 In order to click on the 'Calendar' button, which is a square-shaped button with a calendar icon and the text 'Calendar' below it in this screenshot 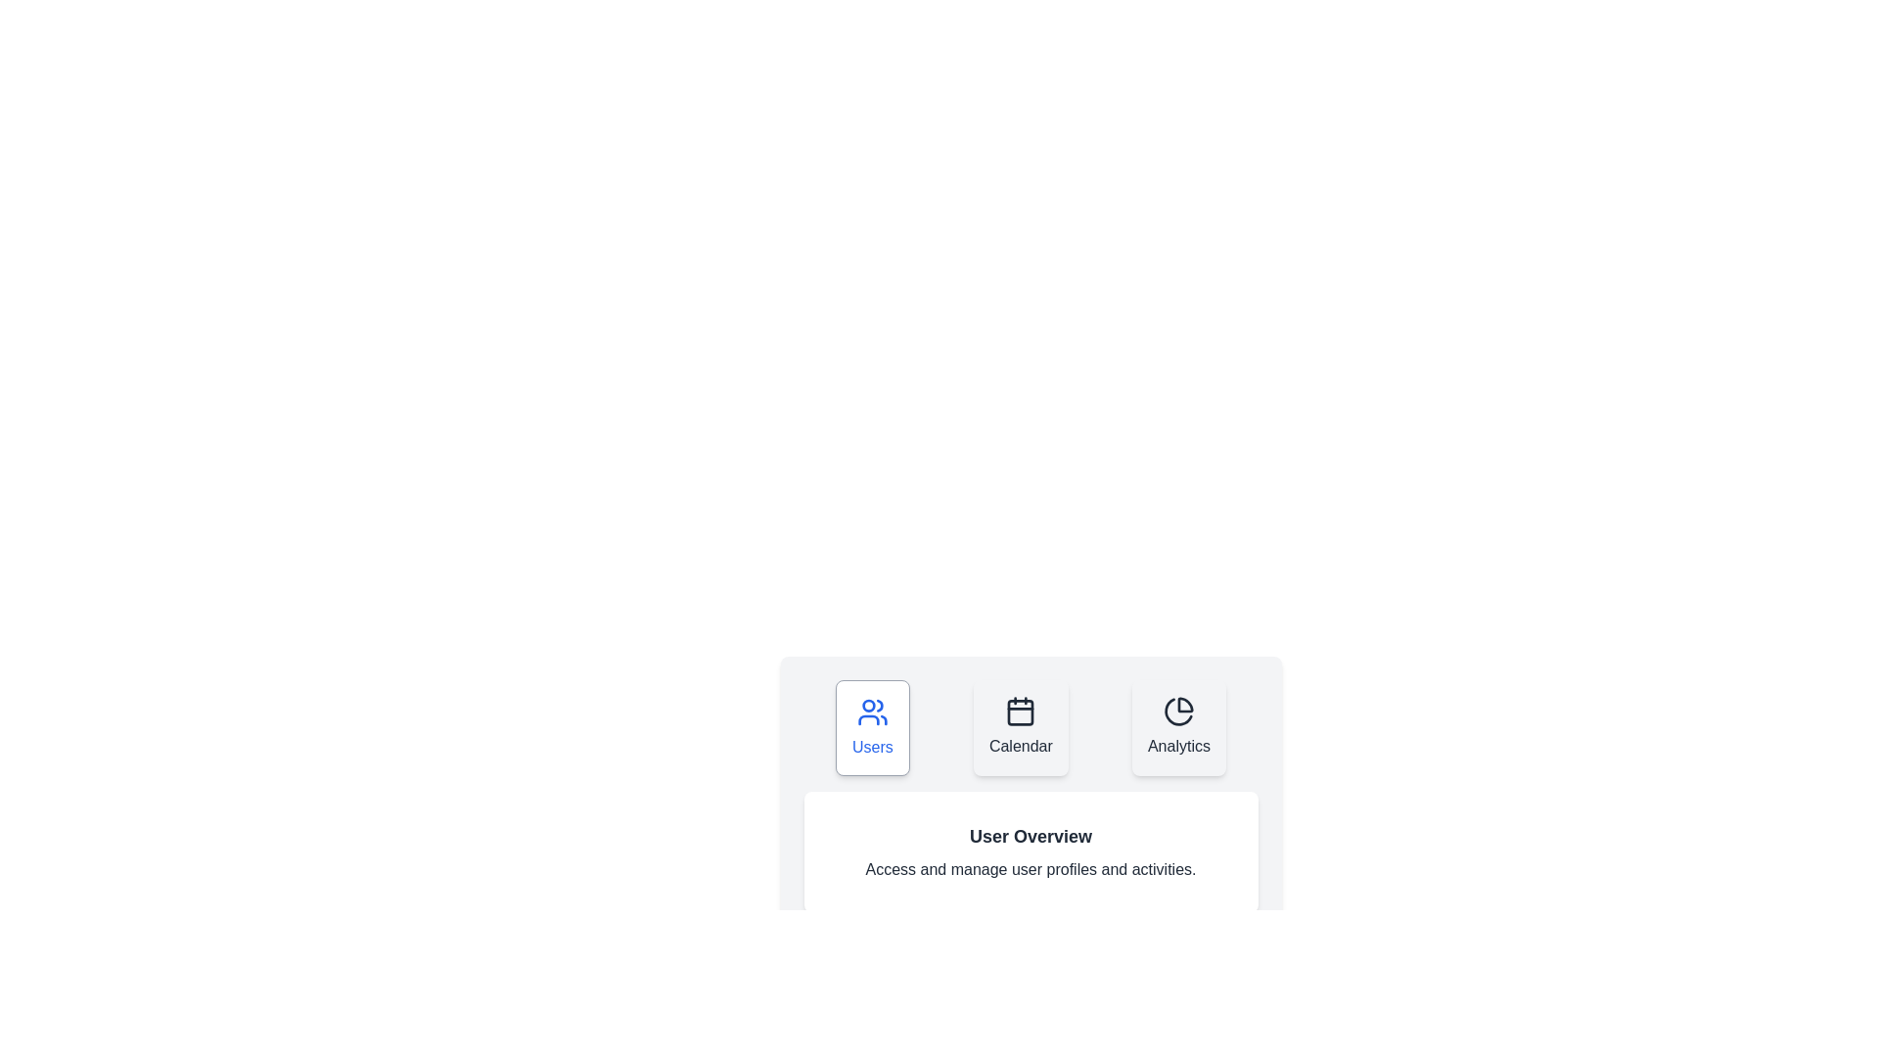, I will do `click(1020, 728)`.